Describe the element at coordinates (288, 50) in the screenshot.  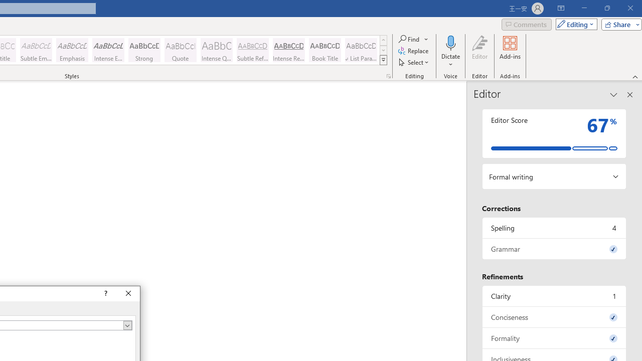
I see `'Intense Reference'` at that location.